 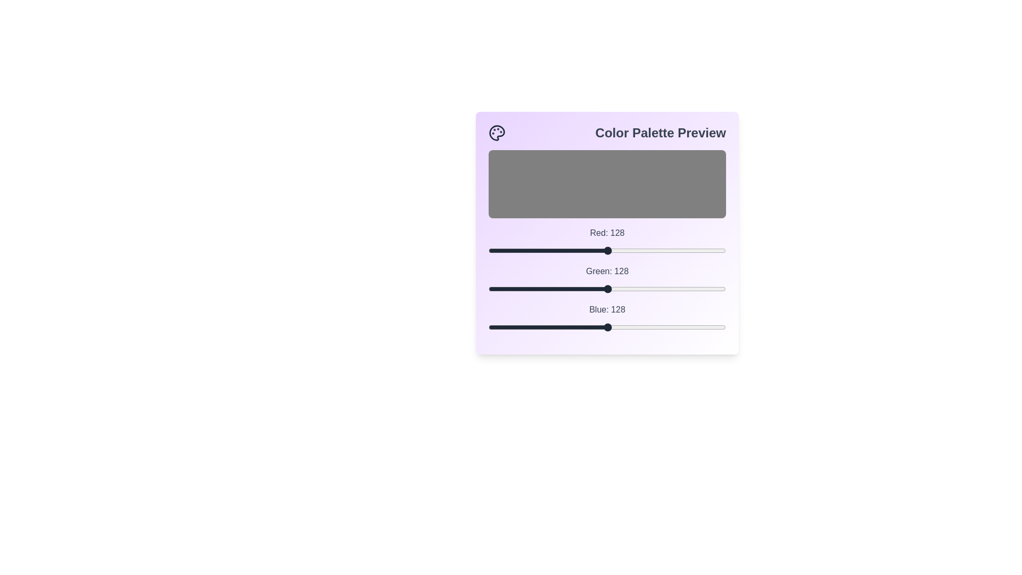 I want to click on the main circular shape of the color palette icon located in the top-left corner of the UI color palette interface, so click(x=497, y=133).